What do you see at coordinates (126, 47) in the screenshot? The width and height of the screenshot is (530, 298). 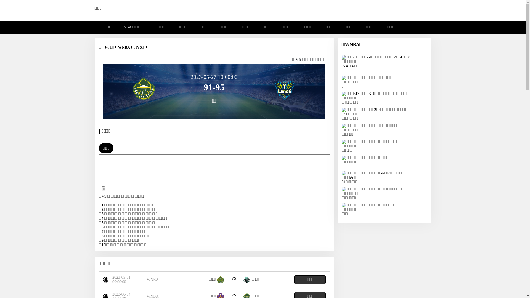 I see `'WNBA'` at bounding box center [126, 47].